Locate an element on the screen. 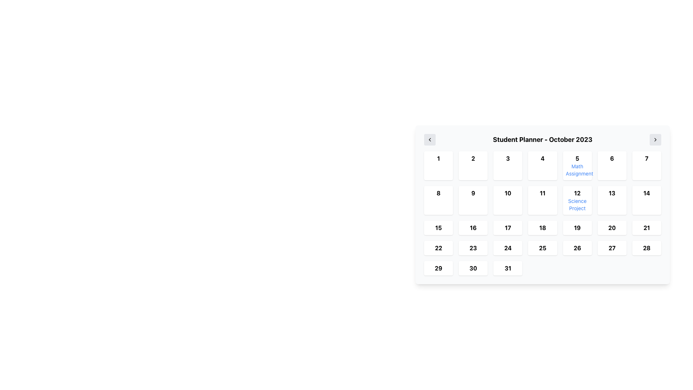  the calendar date cell representing the date '22' in the student planner interface is located at coordinates (438, 247).